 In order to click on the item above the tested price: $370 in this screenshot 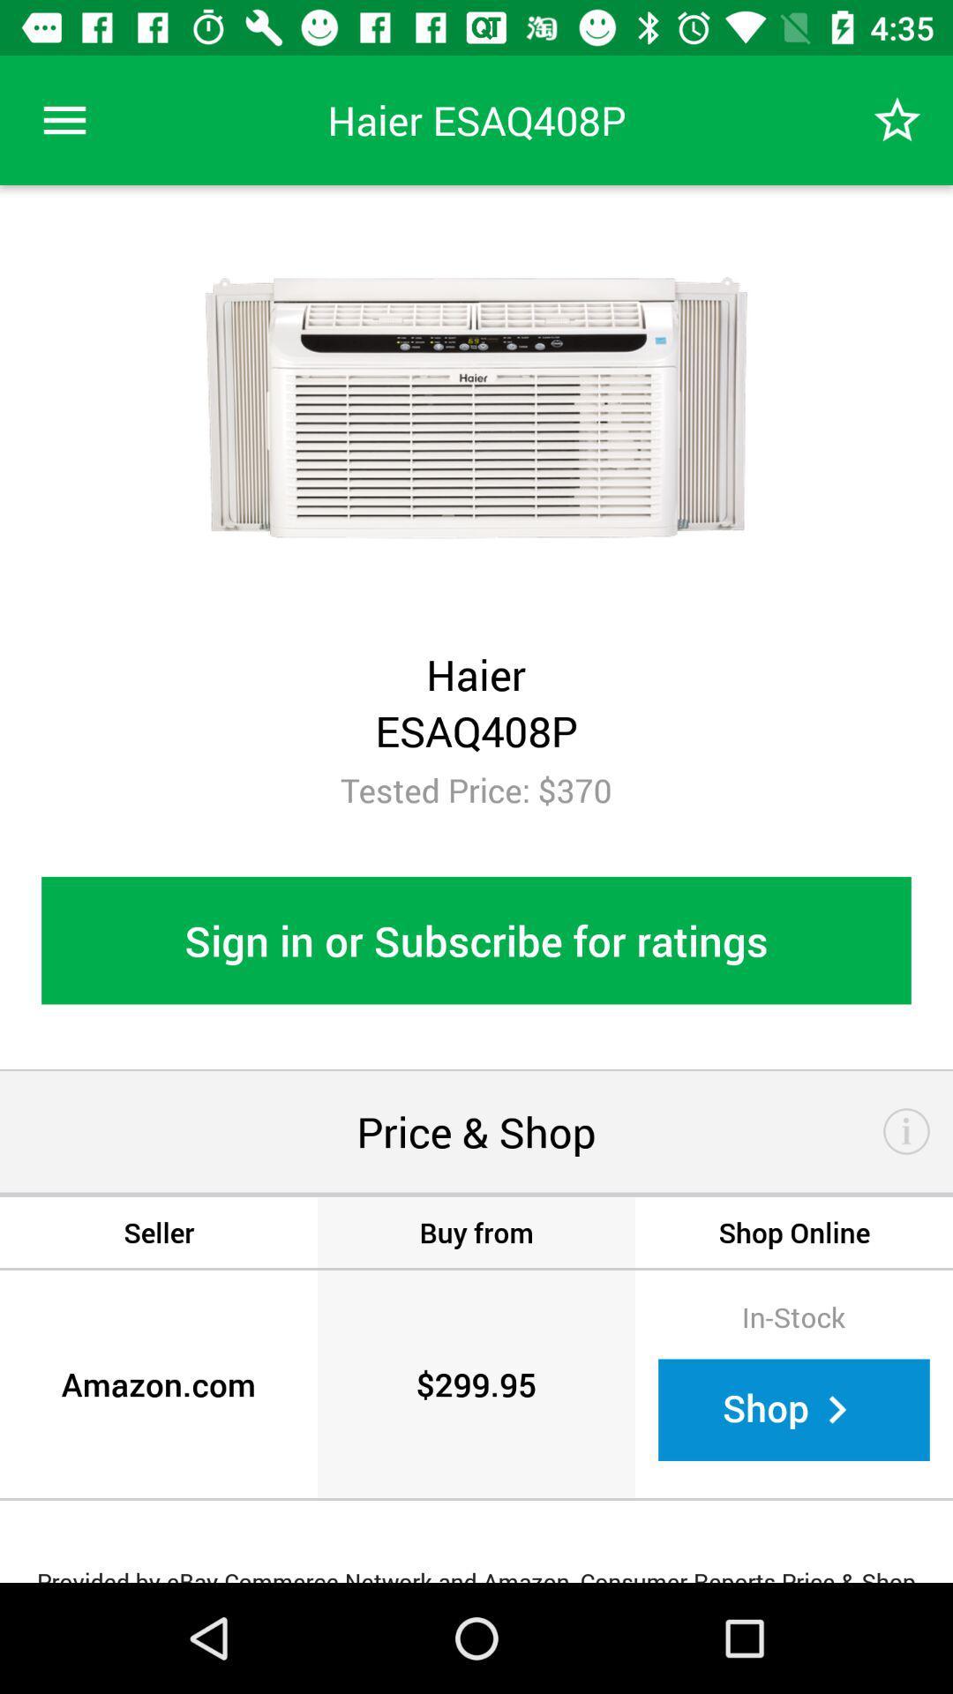, I will do `click(64, 119)`.